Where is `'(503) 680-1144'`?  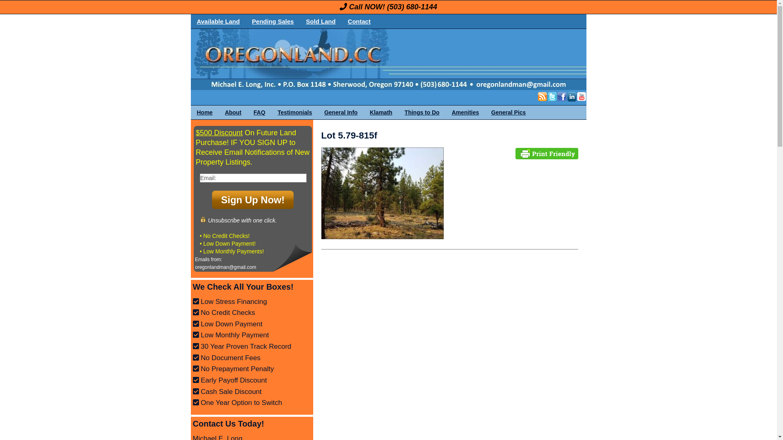
'(503) 680-1144' is located at coordinates (412, 7).